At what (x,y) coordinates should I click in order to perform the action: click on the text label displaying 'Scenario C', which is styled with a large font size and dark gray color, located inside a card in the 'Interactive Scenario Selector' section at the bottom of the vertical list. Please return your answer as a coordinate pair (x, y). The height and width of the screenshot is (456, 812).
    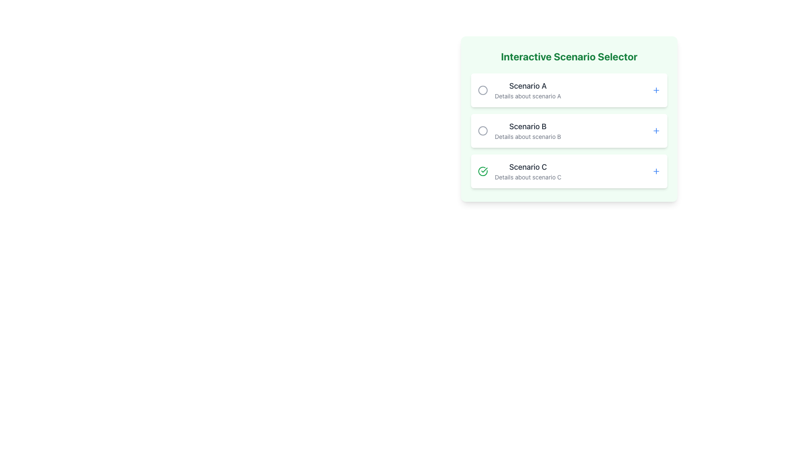
    Looking at the image, I should click on (527, 167).